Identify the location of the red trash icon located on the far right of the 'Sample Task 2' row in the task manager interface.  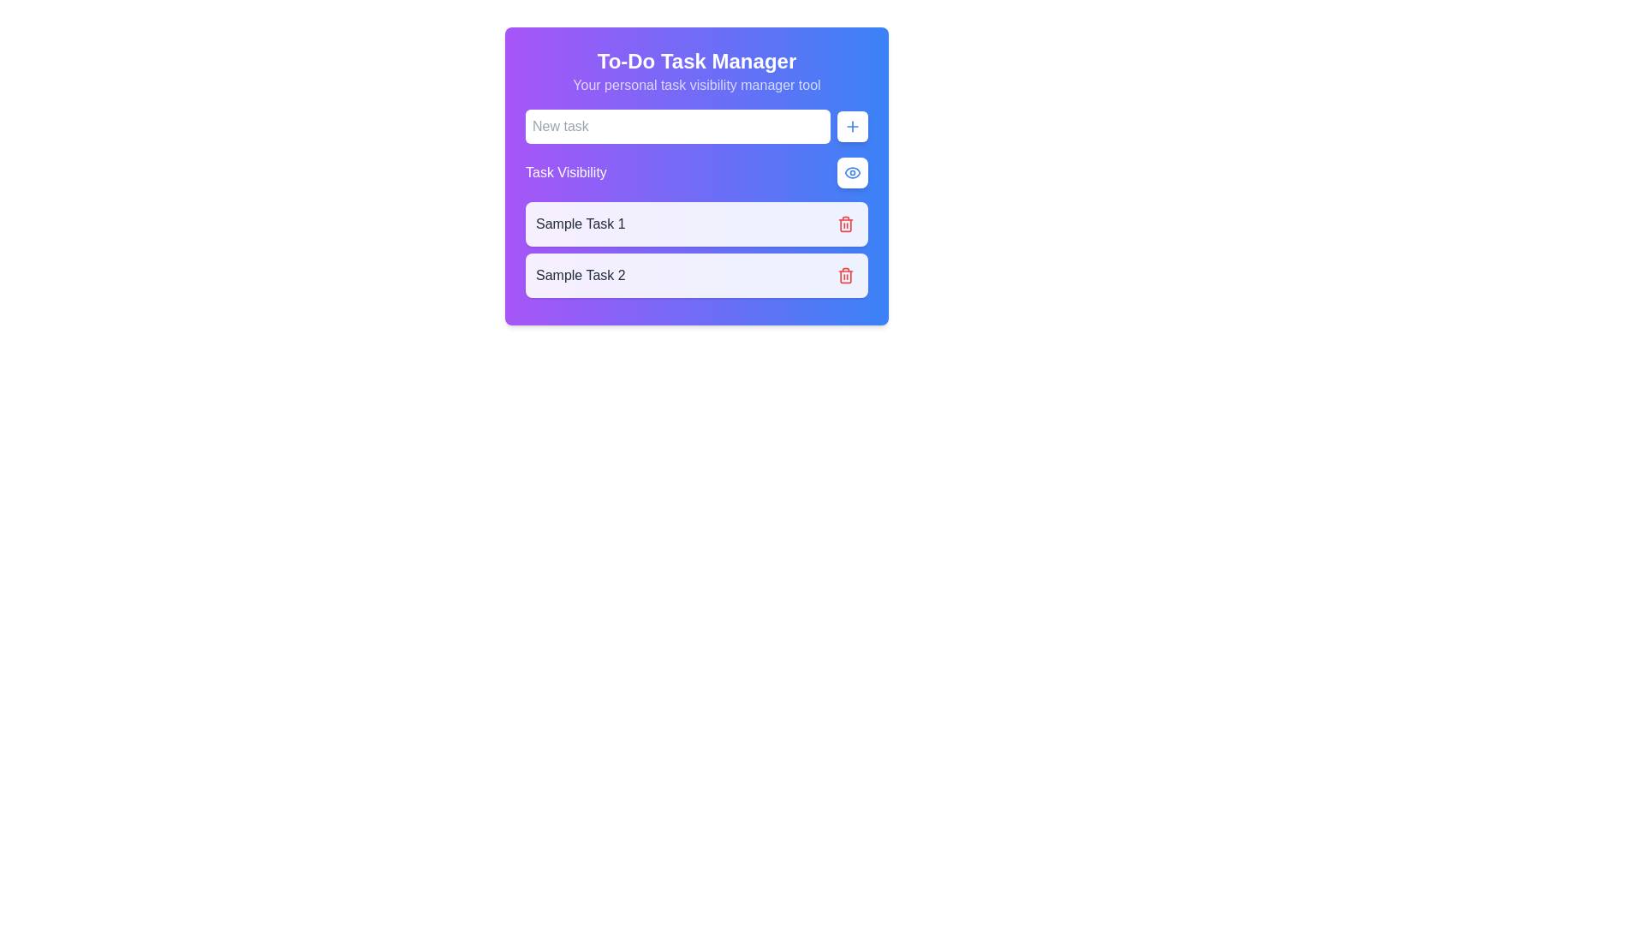
(846, 276).